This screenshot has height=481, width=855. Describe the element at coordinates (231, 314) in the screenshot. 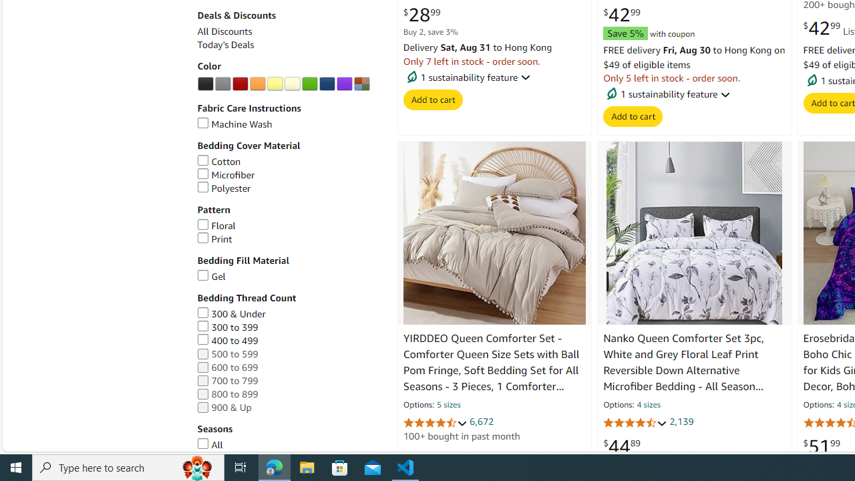

I see `'300 & Under'` at that location.